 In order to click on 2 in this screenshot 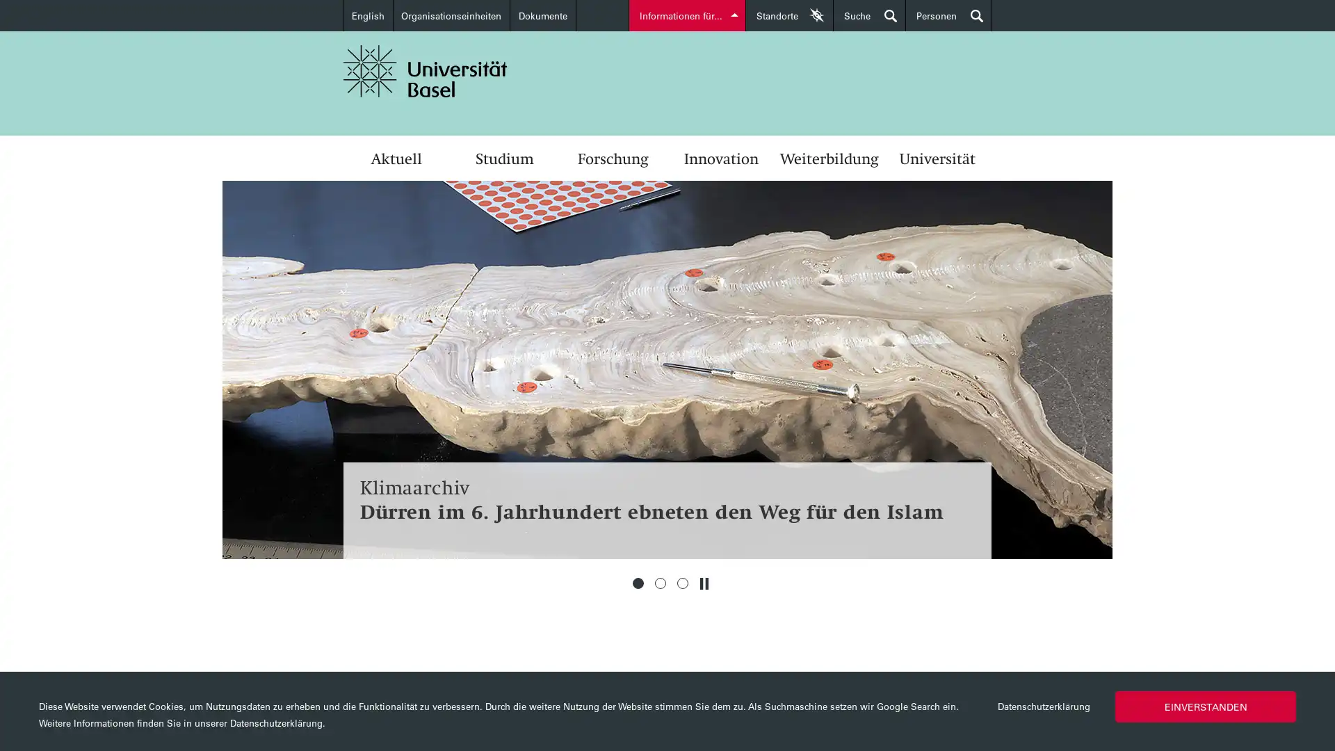, I will do `click(659, 583)`.